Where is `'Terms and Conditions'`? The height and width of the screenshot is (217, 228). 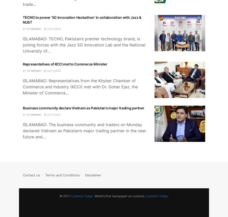
'Terms and Conditions' is located at coordinates (62, 175).